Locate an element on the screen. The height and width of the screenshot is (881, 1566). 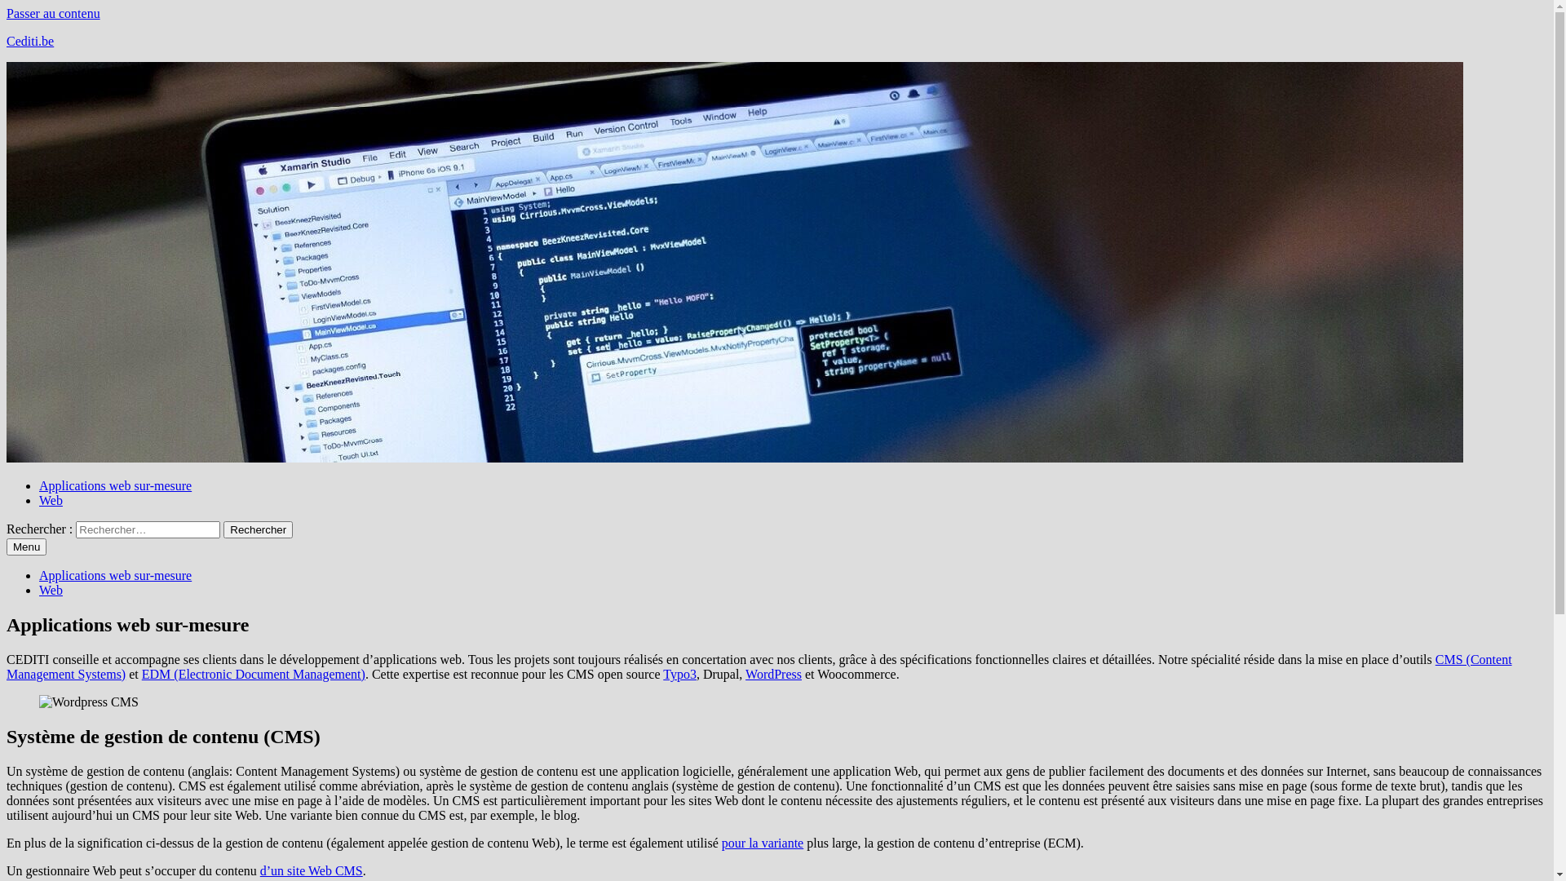
'Applications web sur-mesure' is located at coordinates (114, 574).